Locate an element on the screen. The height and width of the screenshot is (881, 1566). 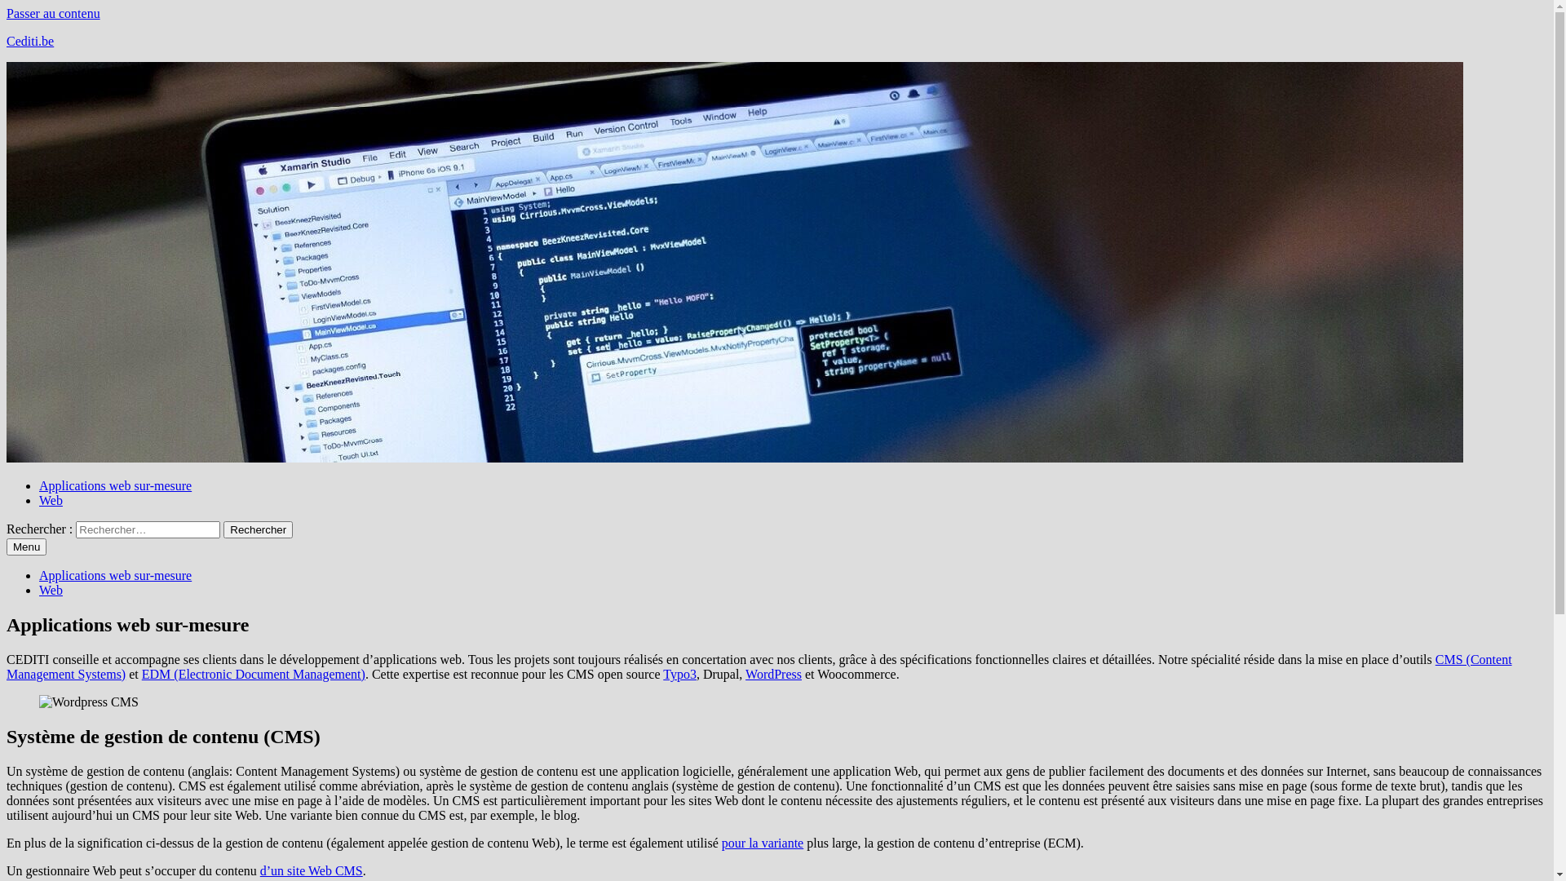
'Applications web sur-mesure' is located at coordinates (114, 574).